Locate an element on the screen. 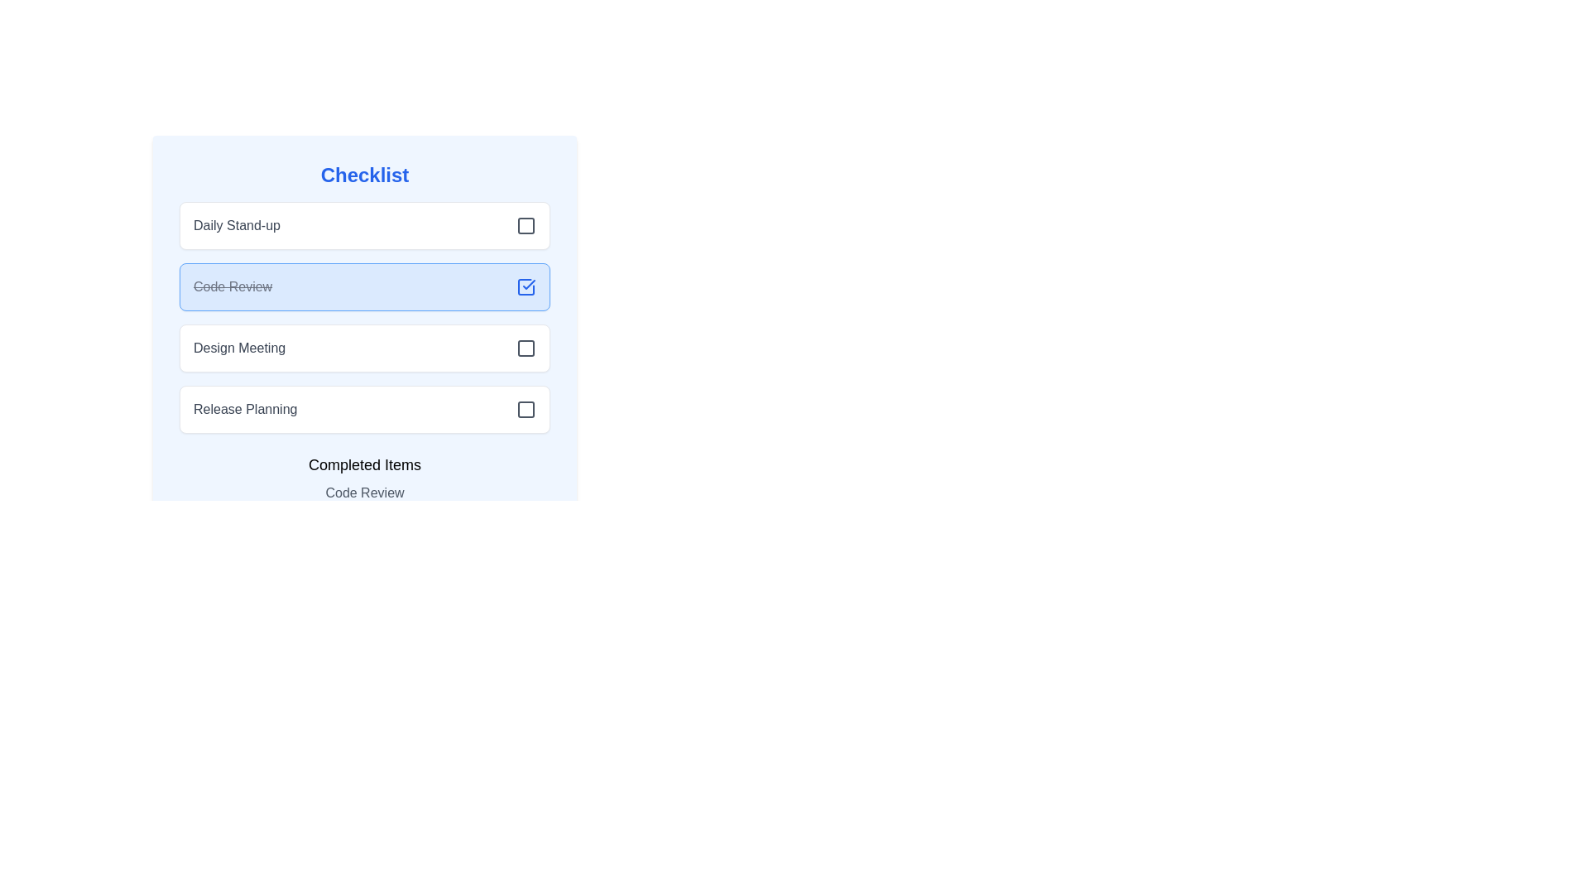 The width and height of the screenshot is (1589, 894). the gray square-shaped checkbox icon positioned to the right of 'Release Planning' is located at coordinates (525, 409).